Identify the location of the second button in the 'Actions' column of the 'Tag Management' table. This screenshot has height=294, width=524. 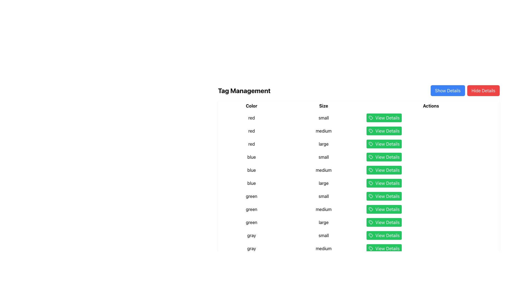
(384, 131).